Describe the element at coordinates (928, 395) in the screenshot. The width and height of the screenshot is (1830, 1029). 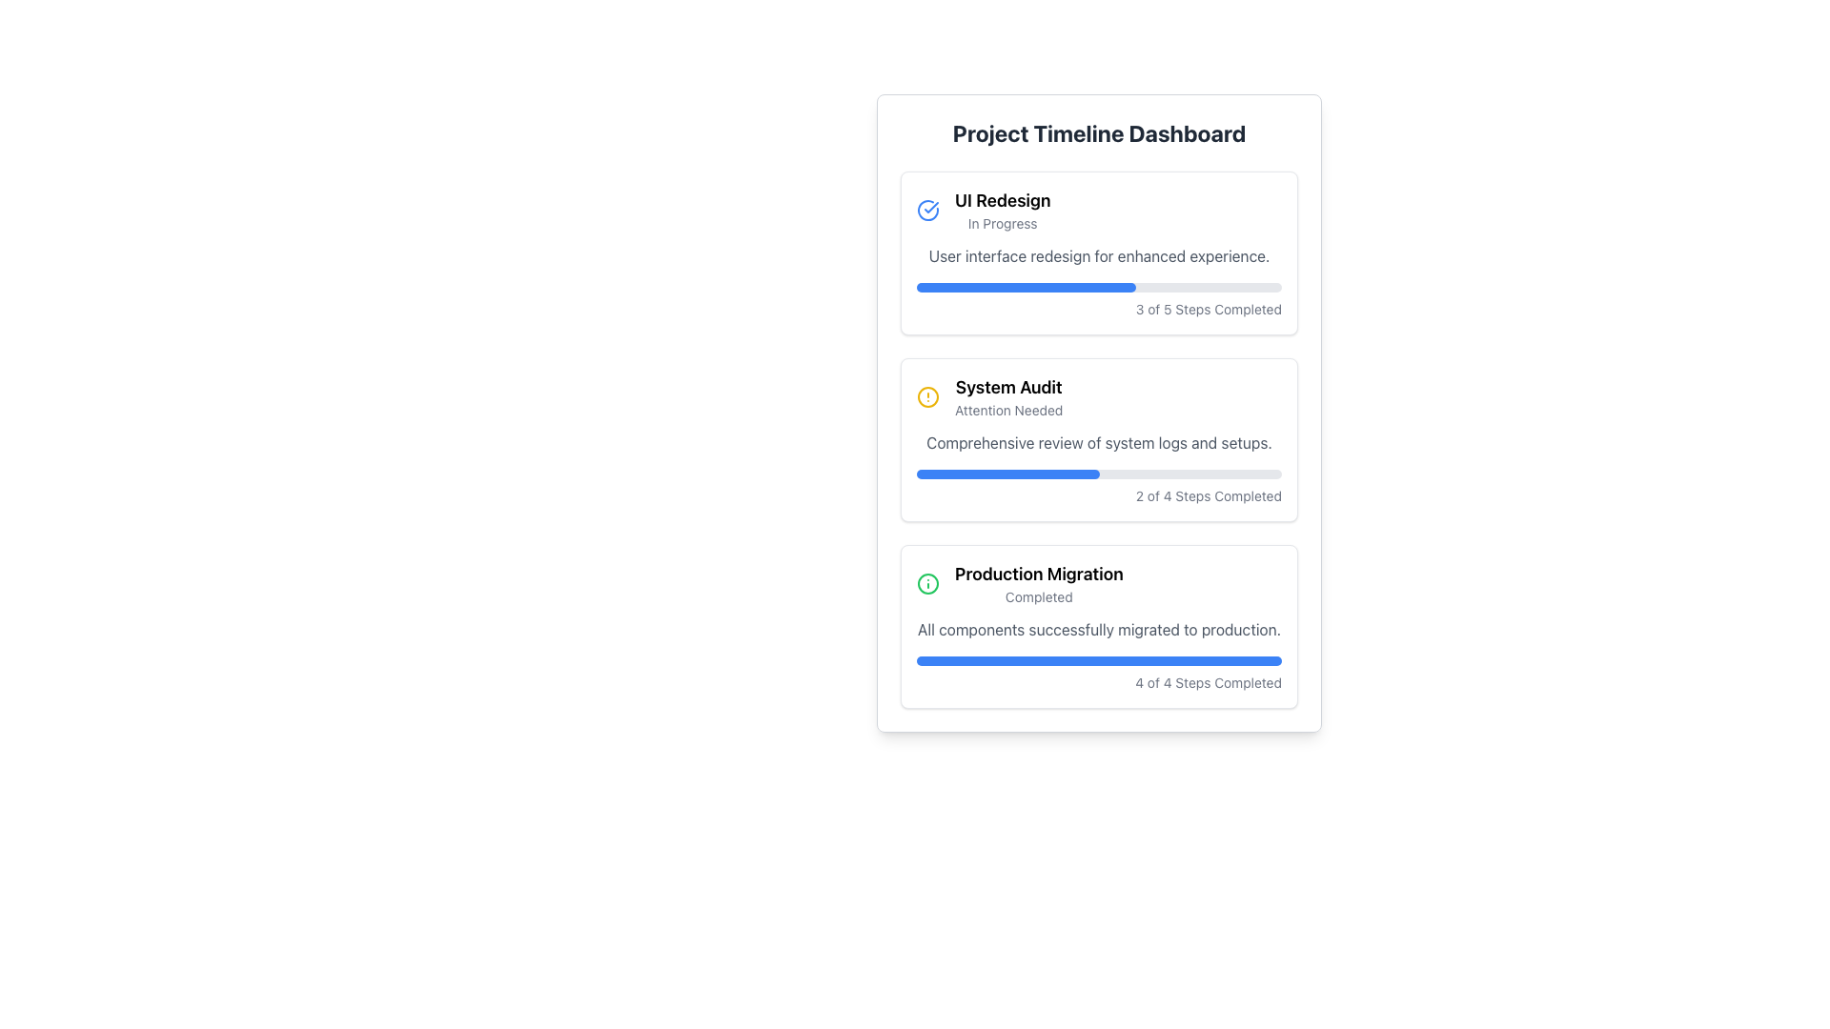
I see `the warning icon indicating attention needed for the 'System Audit' section located to the left of the text 'System Audit' in the 'Project Timeline Dashboard'` at that location.